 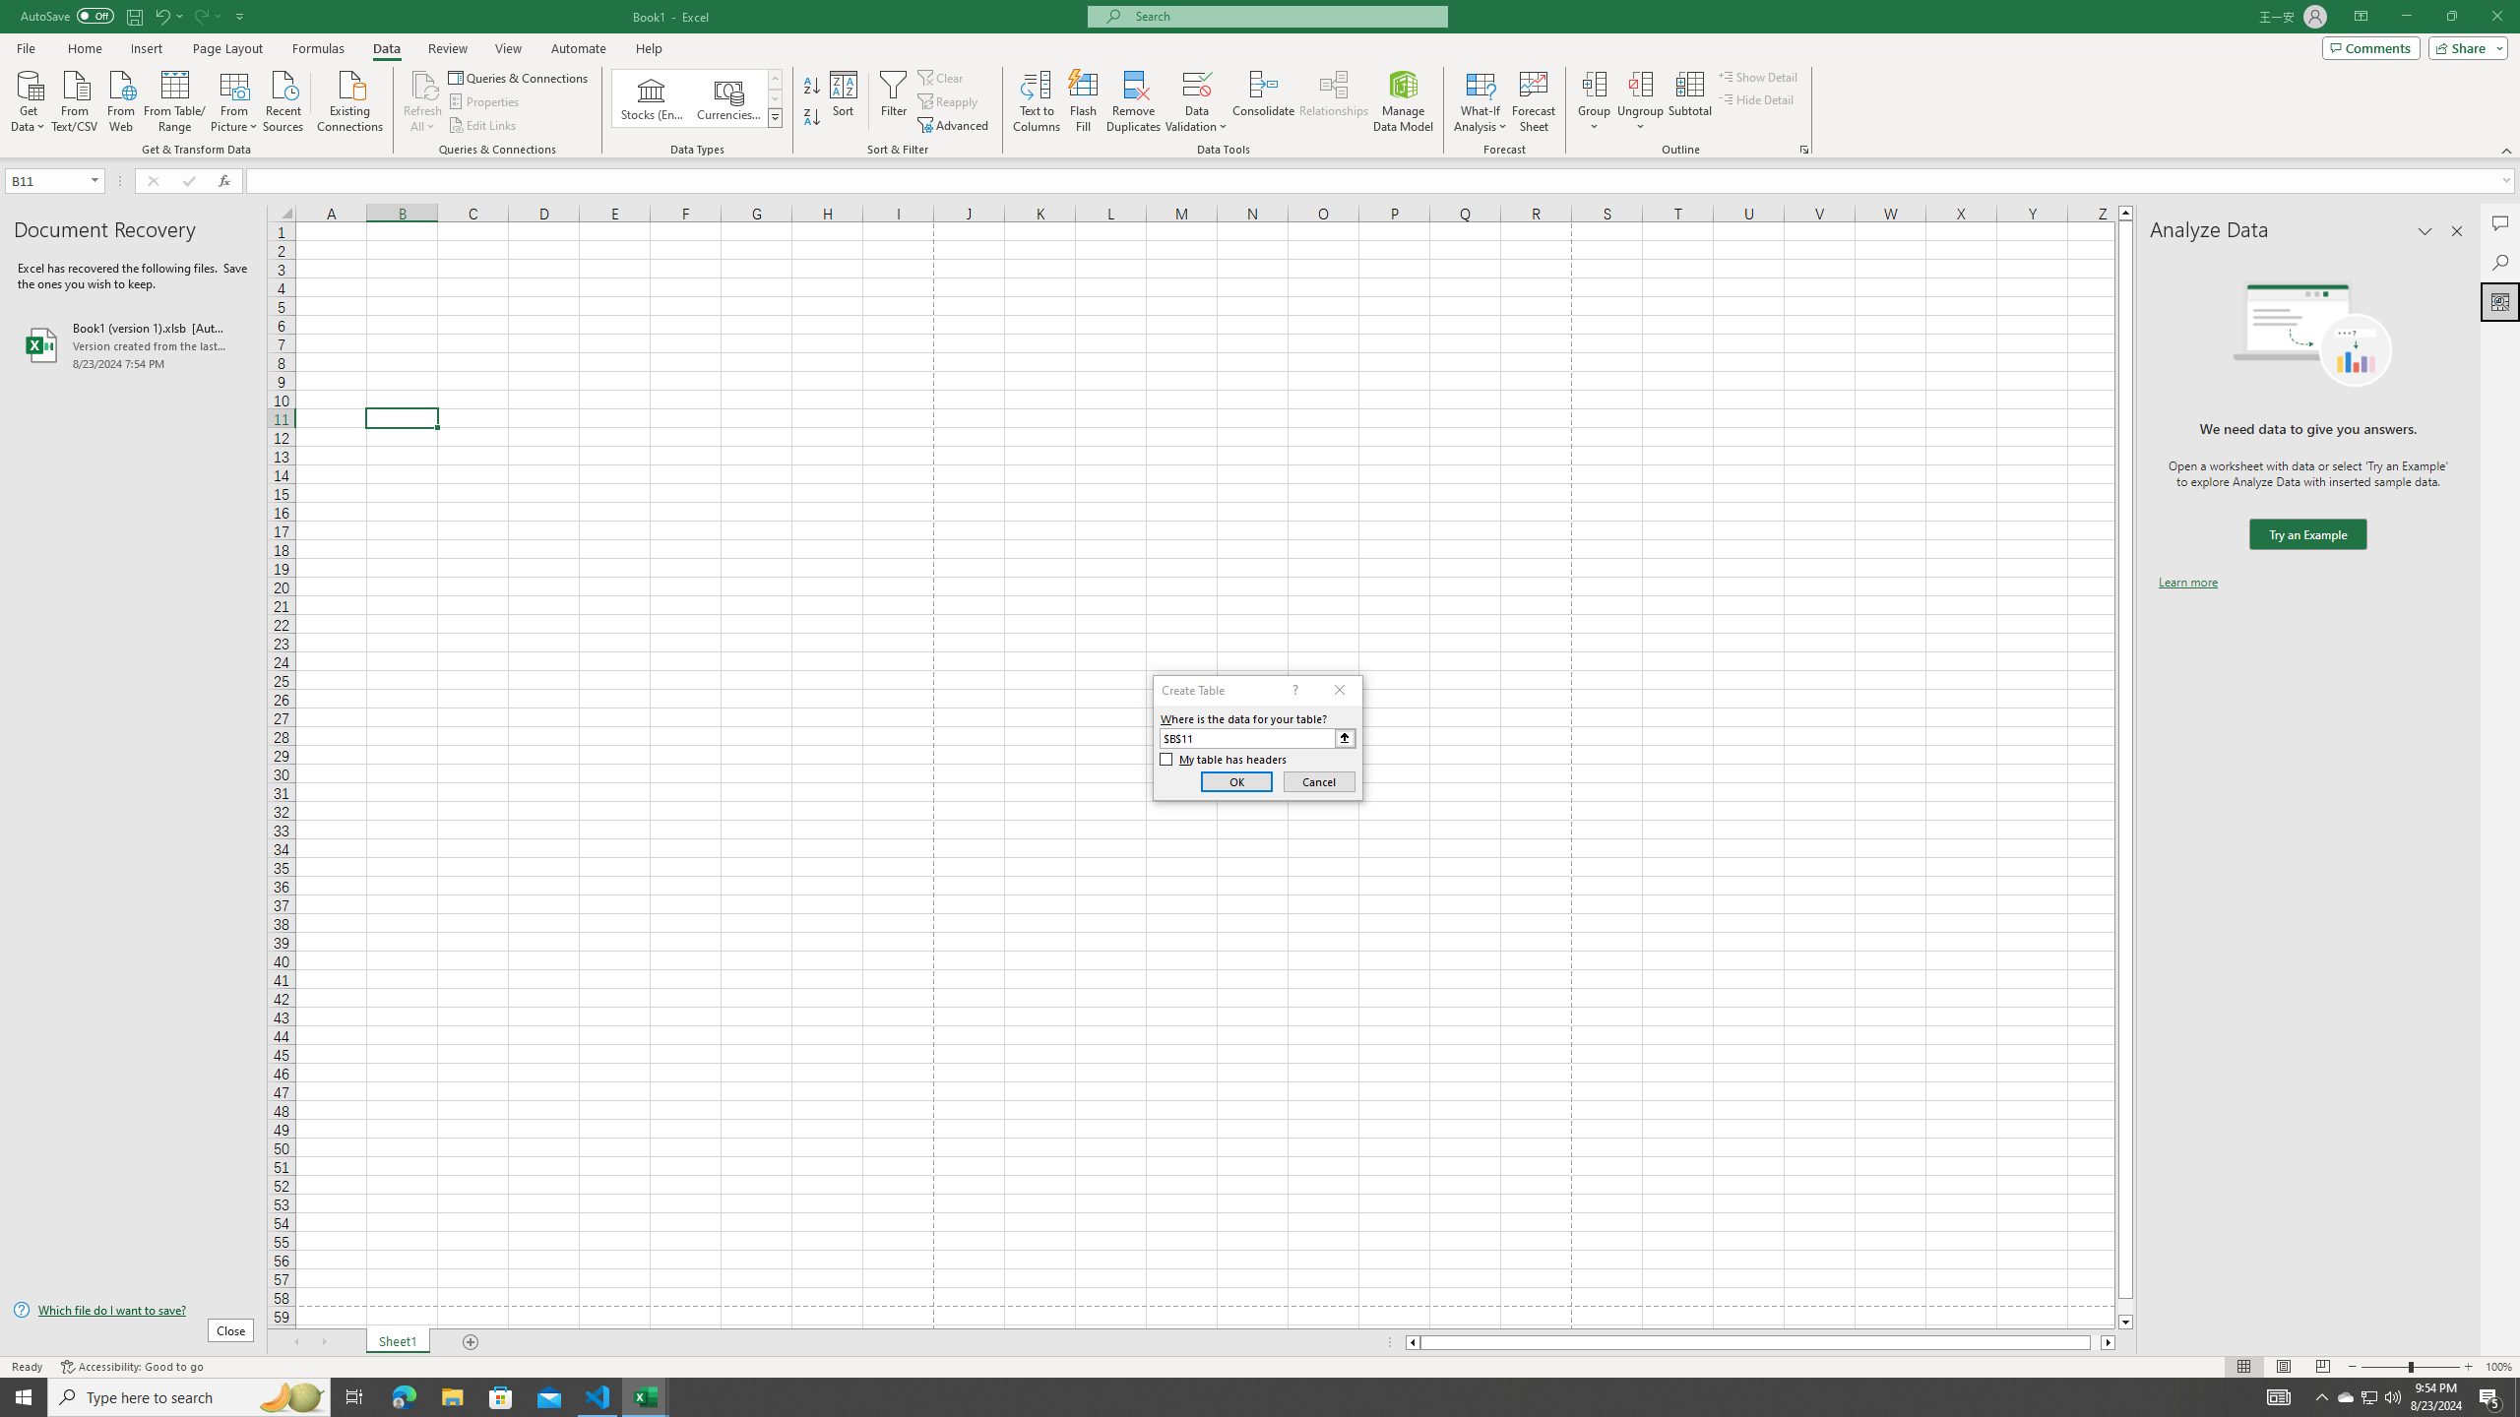 I want to click on 'Search', so click(x=2499, y=263).